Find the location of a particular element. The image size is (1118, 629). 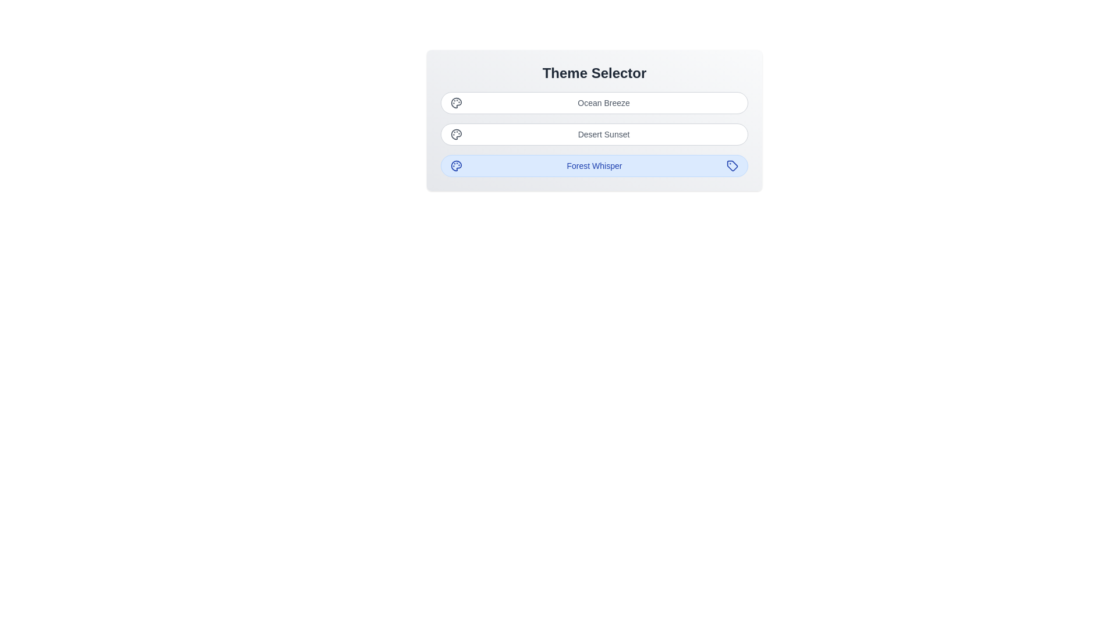

the button corresponding to the theme Ocean Breeze is located at coordinates (595, 103).